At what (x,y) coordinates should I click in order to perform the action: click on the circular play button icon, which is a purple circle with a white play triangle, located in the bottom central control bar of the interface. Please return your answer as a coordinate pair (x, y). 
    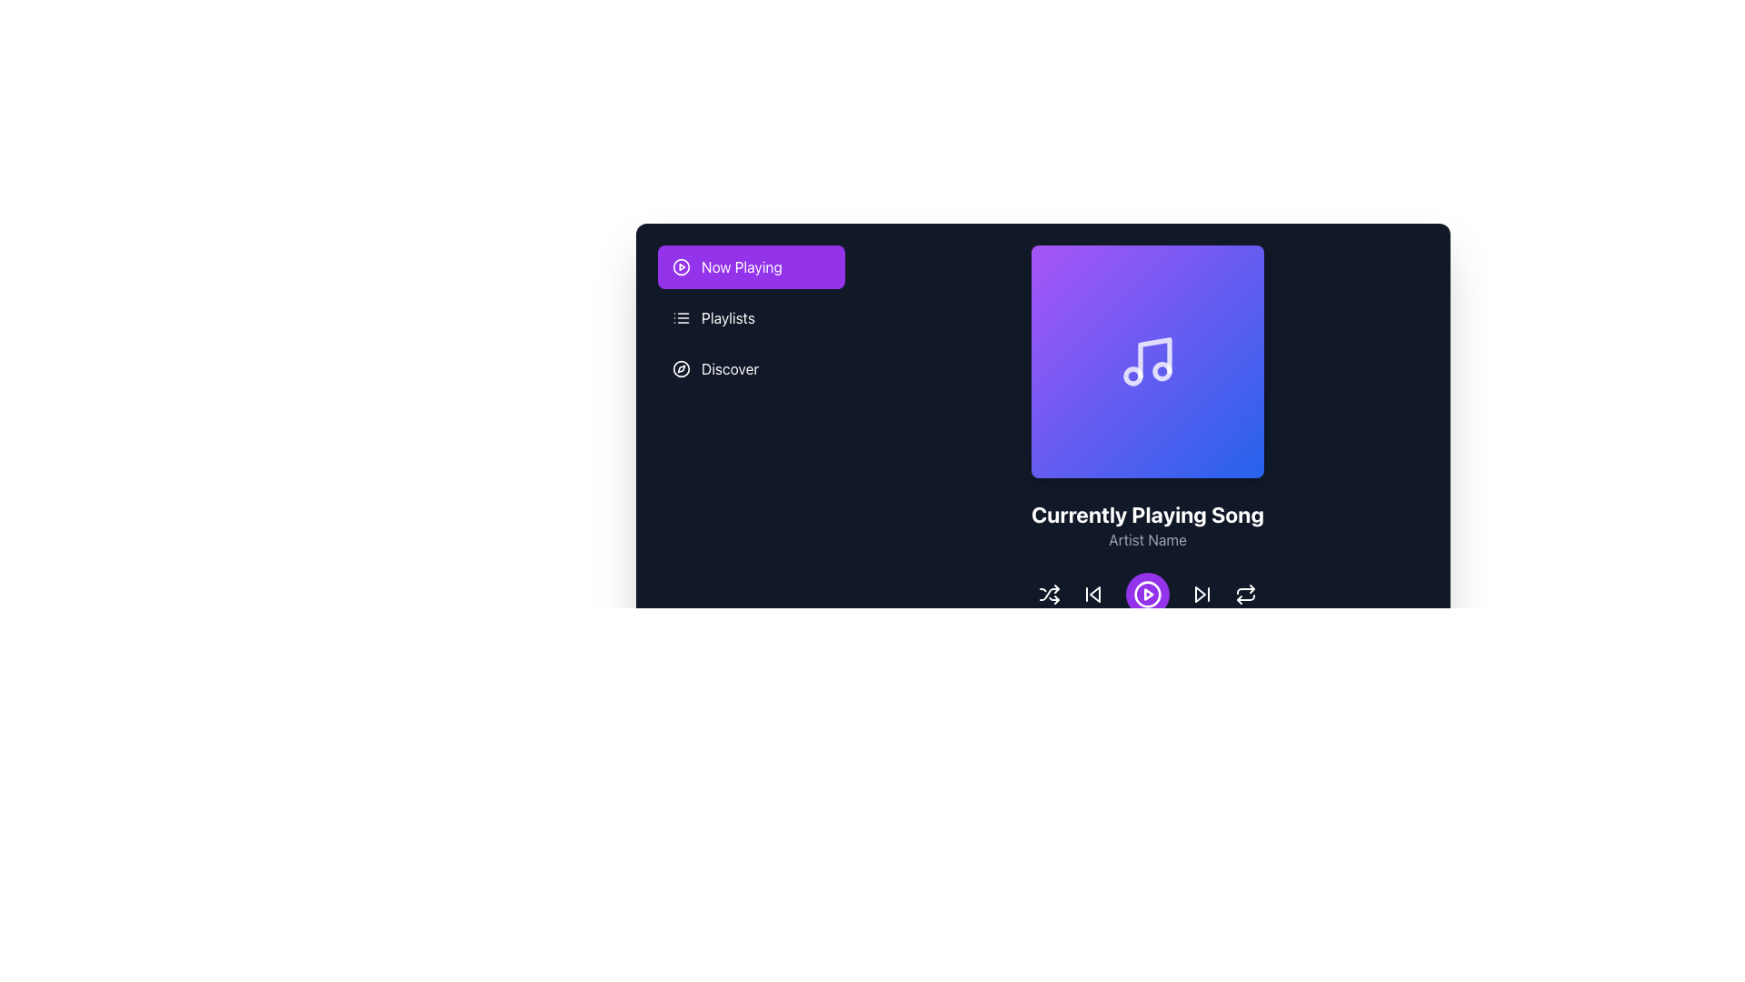
    Looking at the image, I should click on (1146, 595).